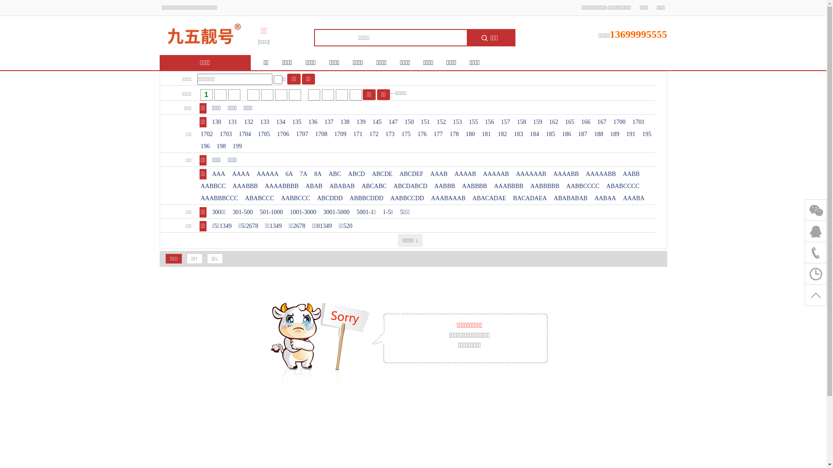 The width and height of the screenshot is (833, 468). Describe the element at coordinates (281, 122) in the screenshot. I see `'134'` at that location.